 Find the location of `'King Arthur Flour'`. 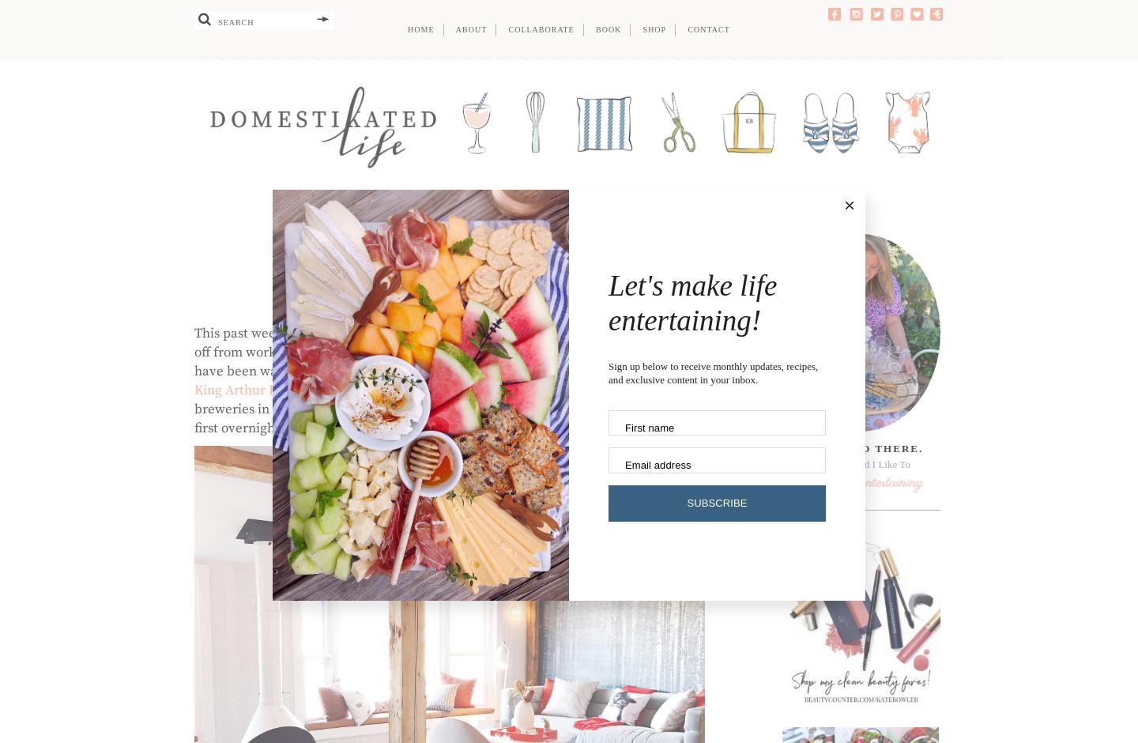

'King Arthur Flour' is located at coordinates (247, 390).